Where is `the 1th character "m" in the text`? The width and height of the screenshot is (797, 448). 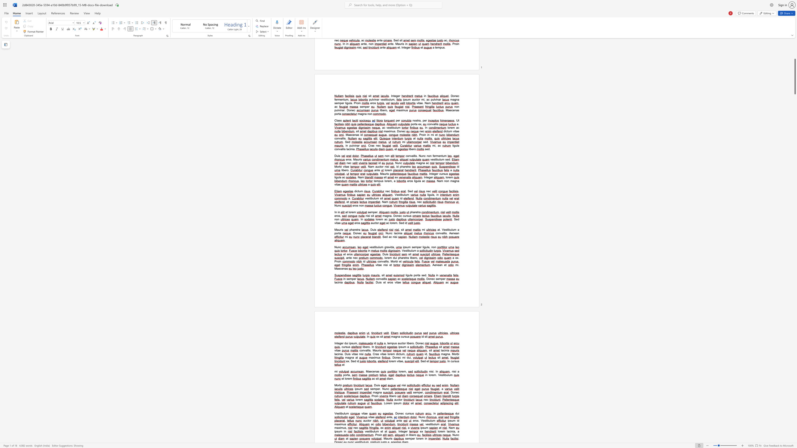 the 1th character "m" in the text is located at coordinates (374, 389).